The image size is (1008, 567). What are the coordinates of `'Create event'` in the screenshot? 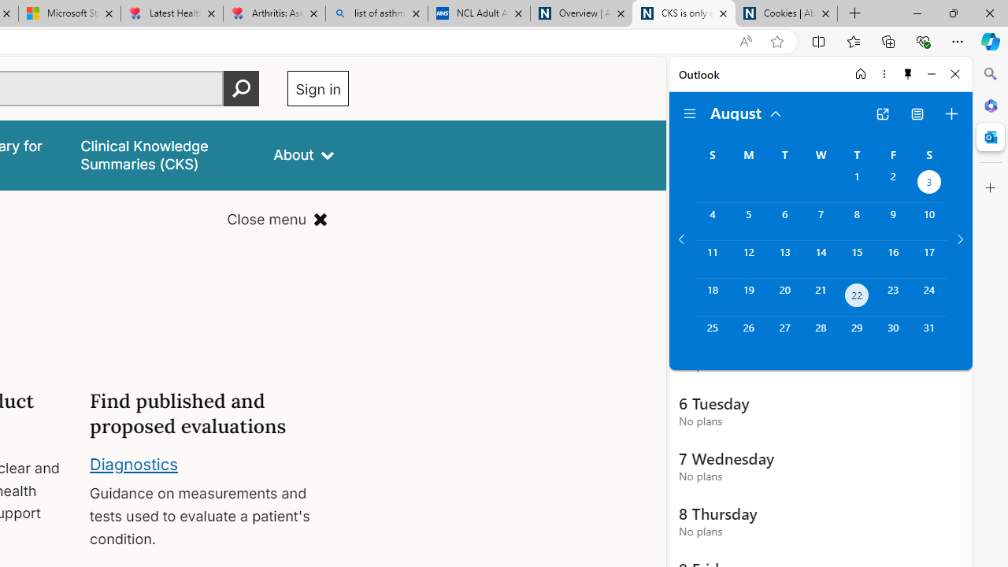 It's located at (951, 113).